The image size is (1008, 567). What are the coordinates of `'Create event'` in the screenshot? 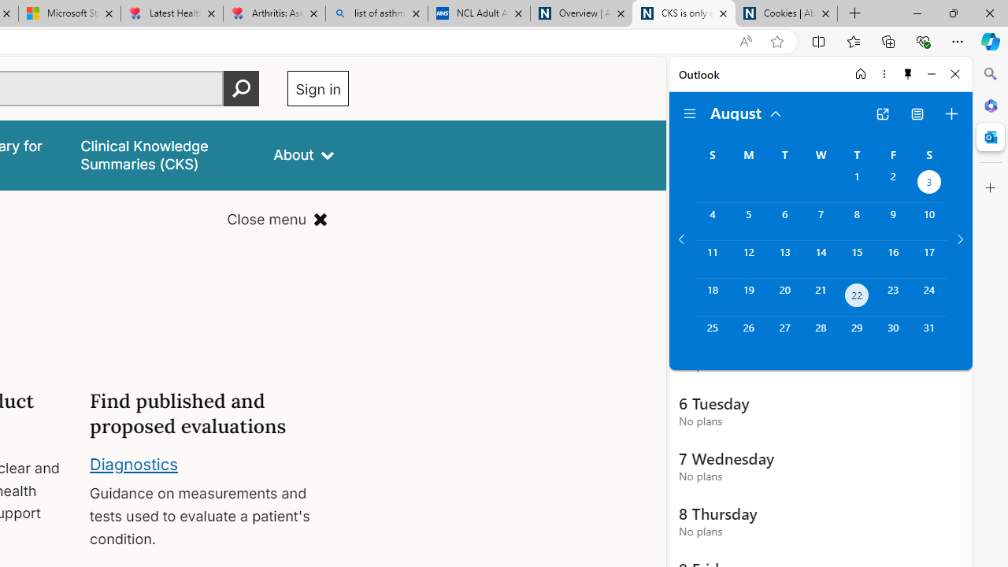 It's located at (951, 113).